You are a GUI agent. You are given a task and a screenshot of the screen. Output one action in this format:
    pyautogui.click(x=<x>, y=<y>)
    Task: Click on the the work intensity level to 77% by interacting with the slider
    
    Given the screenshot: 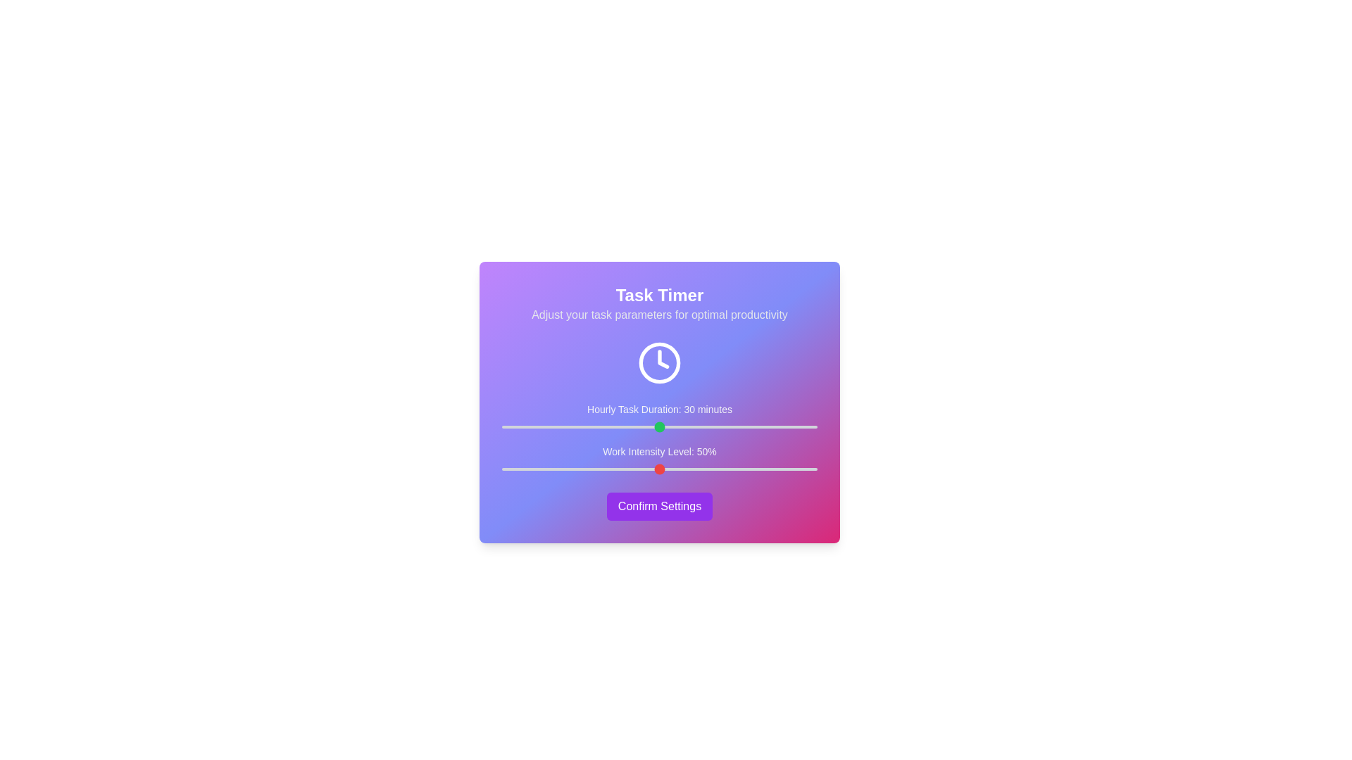 What is the action you would take?
    pyautogui.click(x=744, y=469)
    